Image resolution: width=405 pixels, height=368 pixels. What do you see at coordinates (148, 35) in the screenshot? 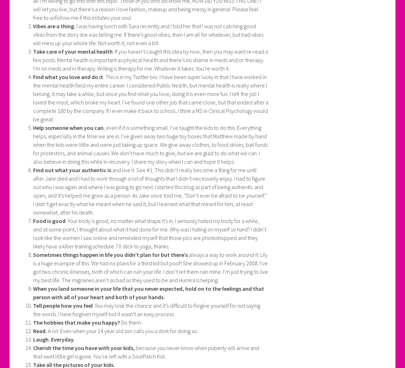
I see `'I was having lunch with Sara recently and I told her that I was not catching good vibes from the story she was telling me. If there’s good vibes, then I am all for whatever, but bad vibes will mess up your whole life. Not worth it, not even a bit.'` at bounding box center [148, 35].